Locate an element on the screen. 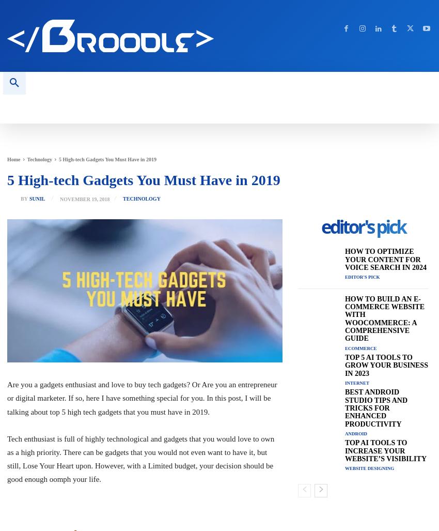 The height and width of the screenshot is (531, 439). 'Tech enthusiast is full of highly technological and gadgets that you would love to own as a high priority. There can be gadgets that you would not even want to have it, but still, Lose Your Heart upon. However, with a Limited budget, your decision should be good enough oomph your life.' is located at coordinates (7, 458).